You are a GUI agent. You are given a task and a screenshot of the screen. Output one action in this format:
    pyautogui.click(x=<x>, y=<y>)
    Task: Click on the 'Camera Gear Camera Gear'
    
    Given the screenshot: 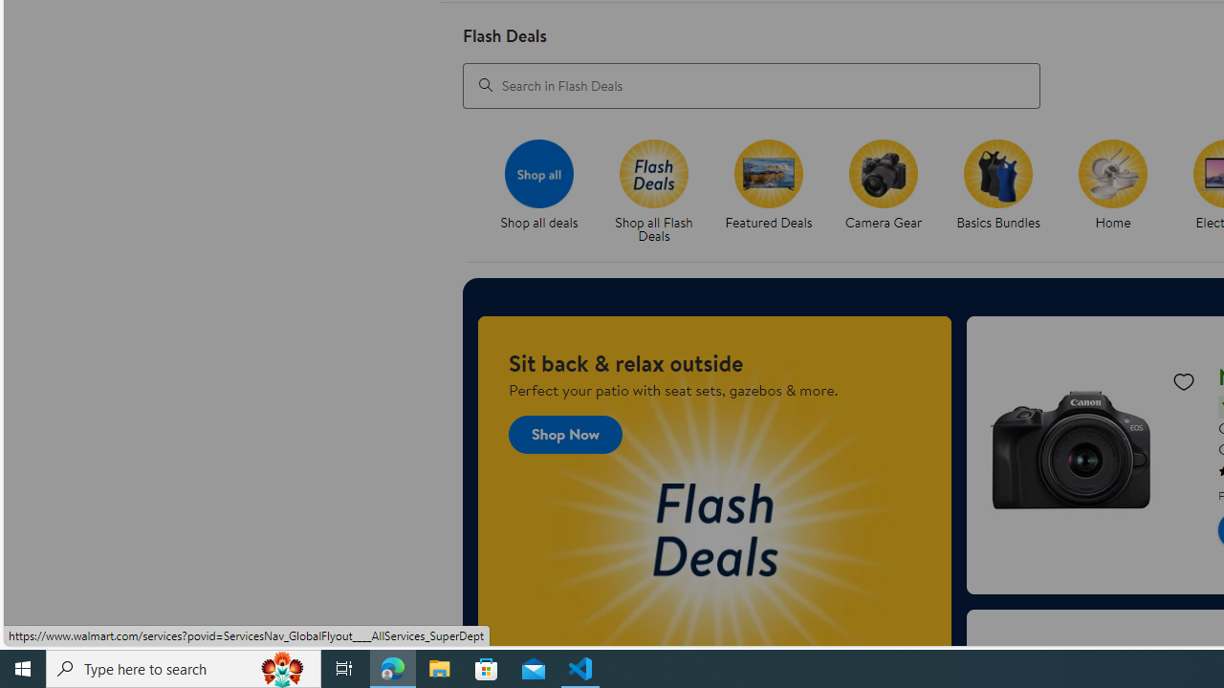 What is the action you would take?
    pyautogui.click(x=882, y=185)
    